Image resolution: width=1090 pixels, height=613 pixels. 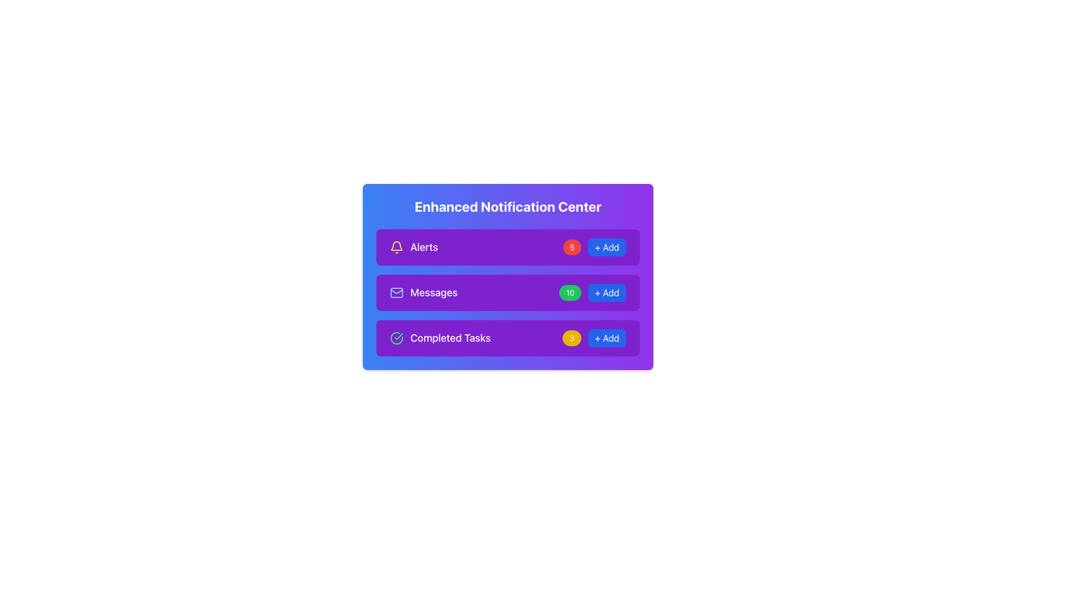 What do you see at coordinates (572, 338) in the screenshot?
I see `the small yellow circular badge with the number '3' in white text, located to the left of the '+ Add' button in the 'Completed Tasks' section` at bounding box center [572, 338].